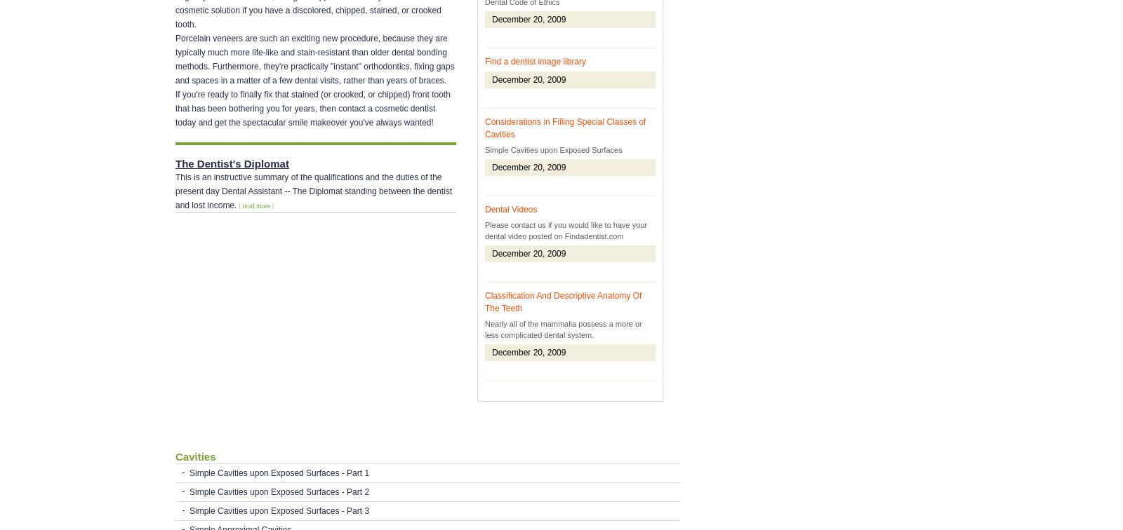  Describe the element at coordinates (232, 163) in the screenshot. I see `'The Dentist's Diplomat'` at that location.